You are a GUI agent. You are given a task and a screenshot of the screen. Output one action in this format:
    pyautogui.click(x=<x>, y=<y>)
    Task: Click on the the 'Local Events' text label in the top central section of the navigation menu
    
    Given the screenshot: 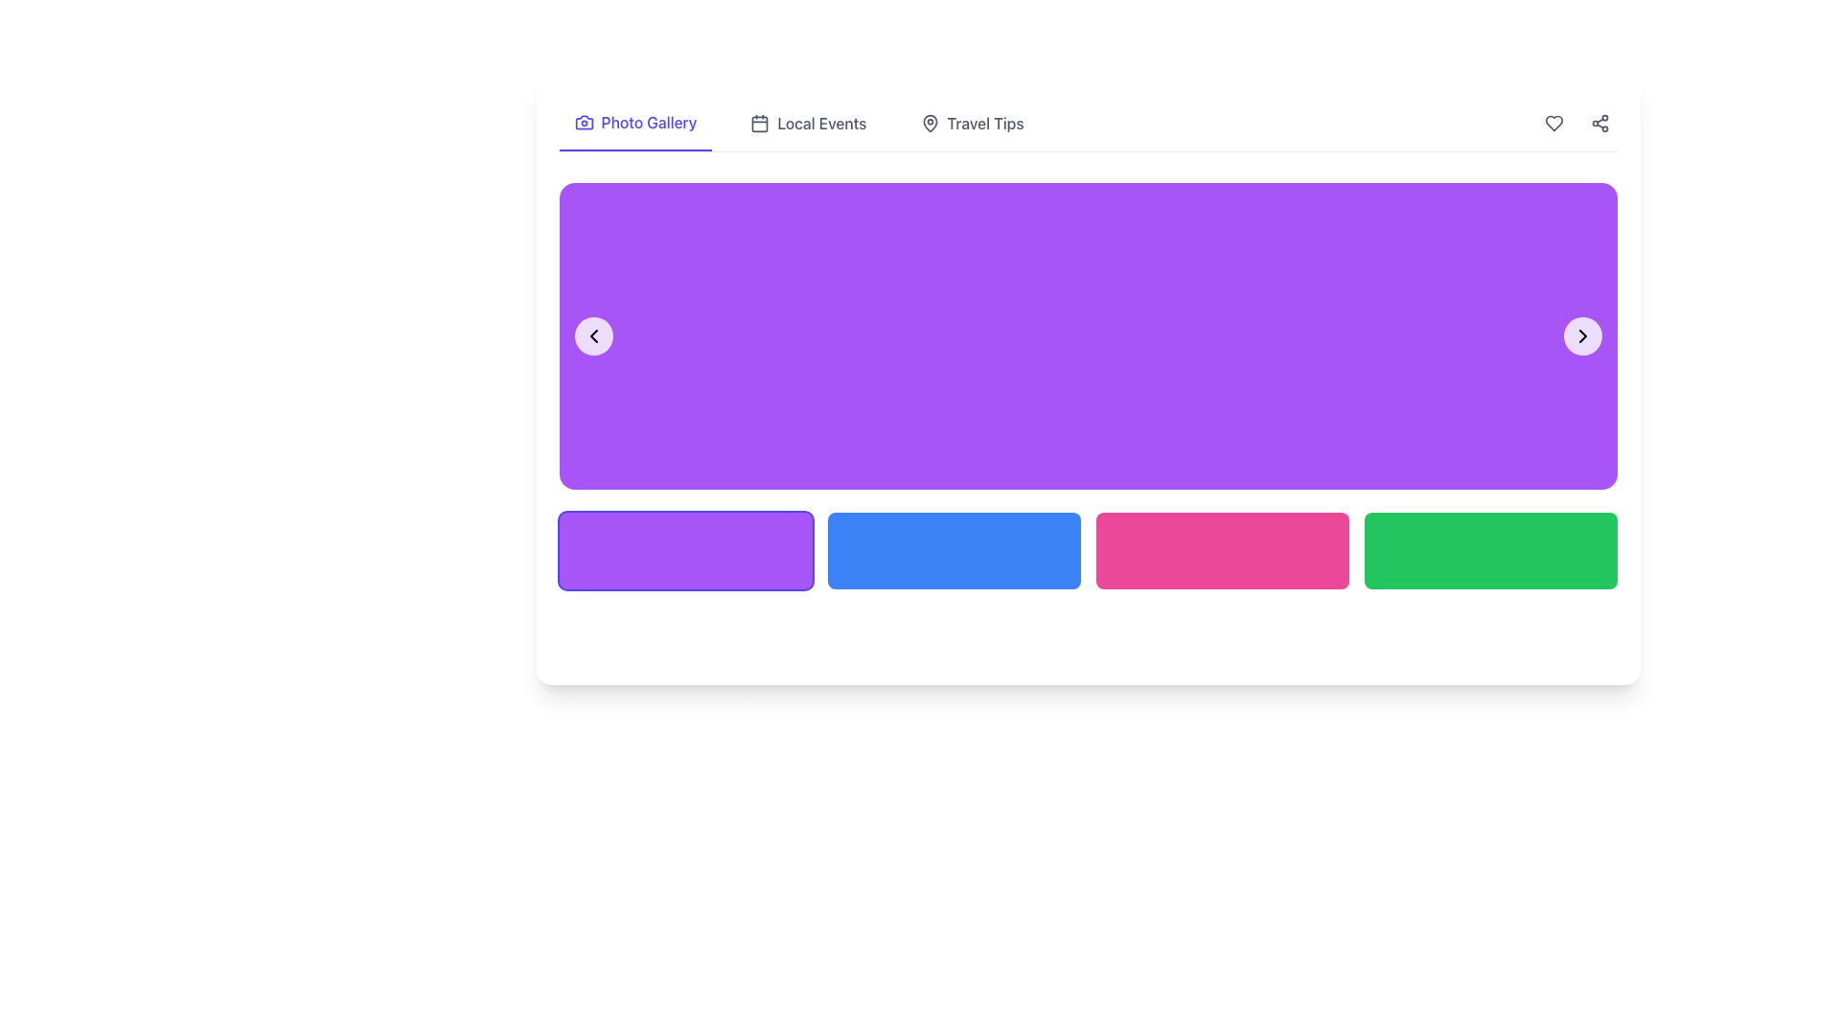 What is the action you would take?
    pyautogui.click(x=821, y=123)
    